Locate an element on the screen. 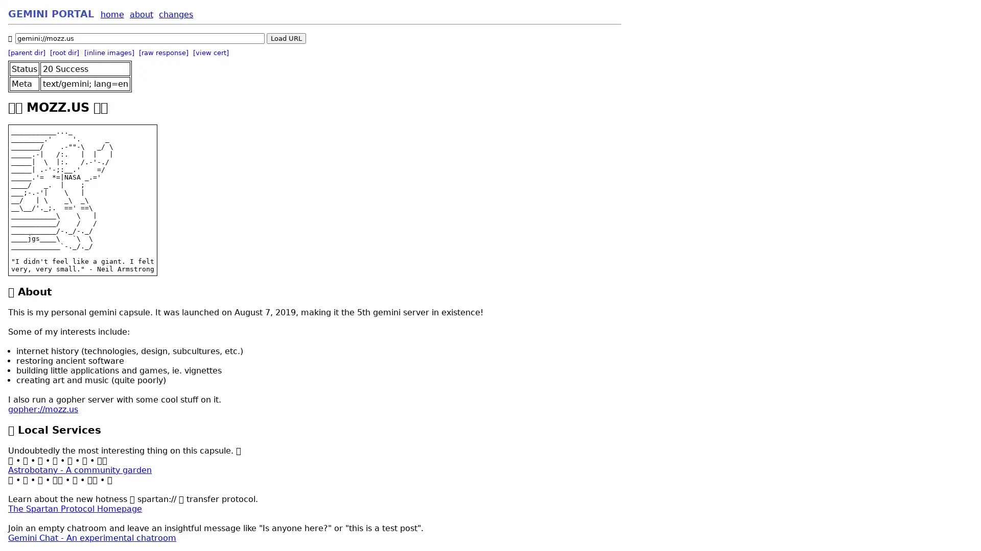 This screenshot has height=551, width=981. Load URL is located at coordinates (286, 38).